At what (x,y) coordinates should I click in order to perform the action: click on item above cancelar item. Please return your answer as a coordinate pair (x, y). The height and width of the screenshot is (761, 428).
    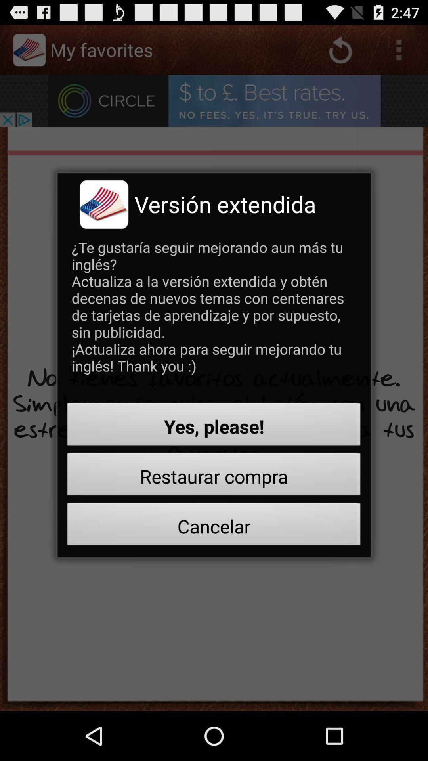
    Looking at the image, I should click on (214, 476).